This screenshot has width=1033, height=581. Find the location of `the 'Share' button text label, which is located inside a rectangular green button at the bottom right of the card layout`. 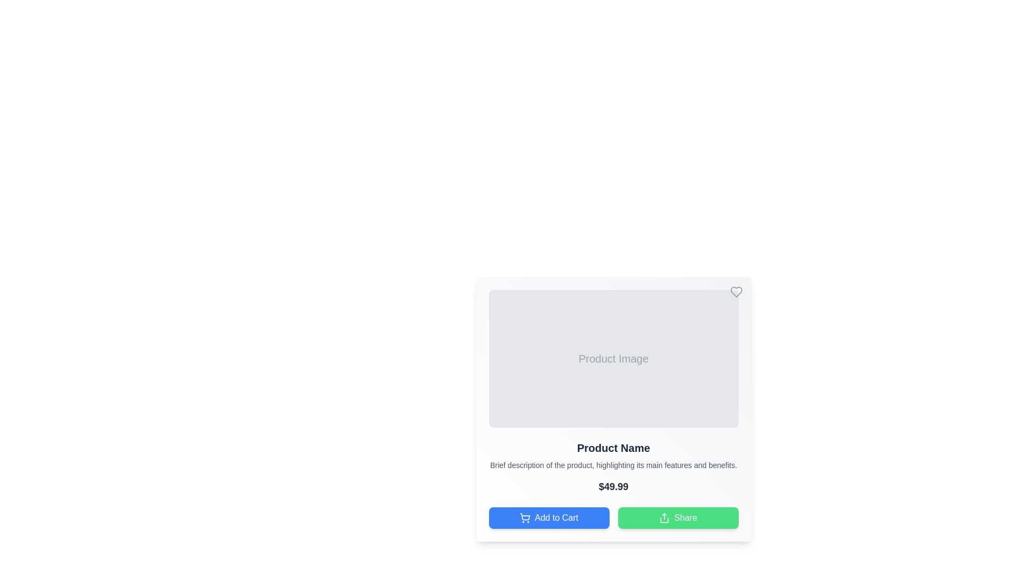

the 'Share' button text label, which is located inside a rectangular green button at the bottom right of the card layout is located at coordinates (685, 518).